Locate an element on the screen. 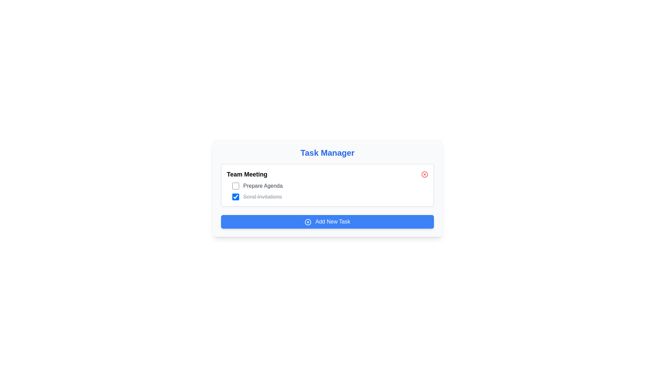 The image size is (655, 368). the button for removing or canceling the 'Team Meeting' section to observe the color change is located at coordinates (424, 174).